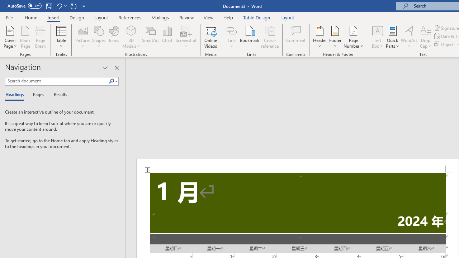 The height and width of the screenshot is (258, 459). Describe the element at coordinates (111, 81) in the screenshot. I see `'Search'` at that location.